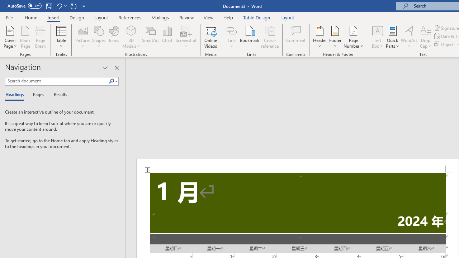 The height and width of the screenshot is (258, 459). Describe the element at coordinates (111, 81) in the screenshot. I see `'Search'` at that location.